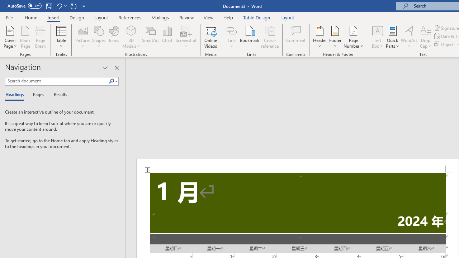 The height and width of the screenshot is (258, 459). Describe the element at coordinates (111, 81) in the screenshot. I see `'Search'` at that location.